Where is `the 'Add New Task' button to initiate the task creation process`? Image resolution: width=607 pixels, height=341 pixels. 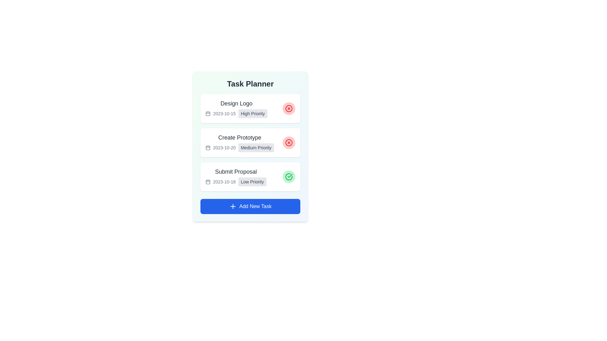
the 'Add New Task' button to initiate the task creation process is located at coordinates (250, 206).